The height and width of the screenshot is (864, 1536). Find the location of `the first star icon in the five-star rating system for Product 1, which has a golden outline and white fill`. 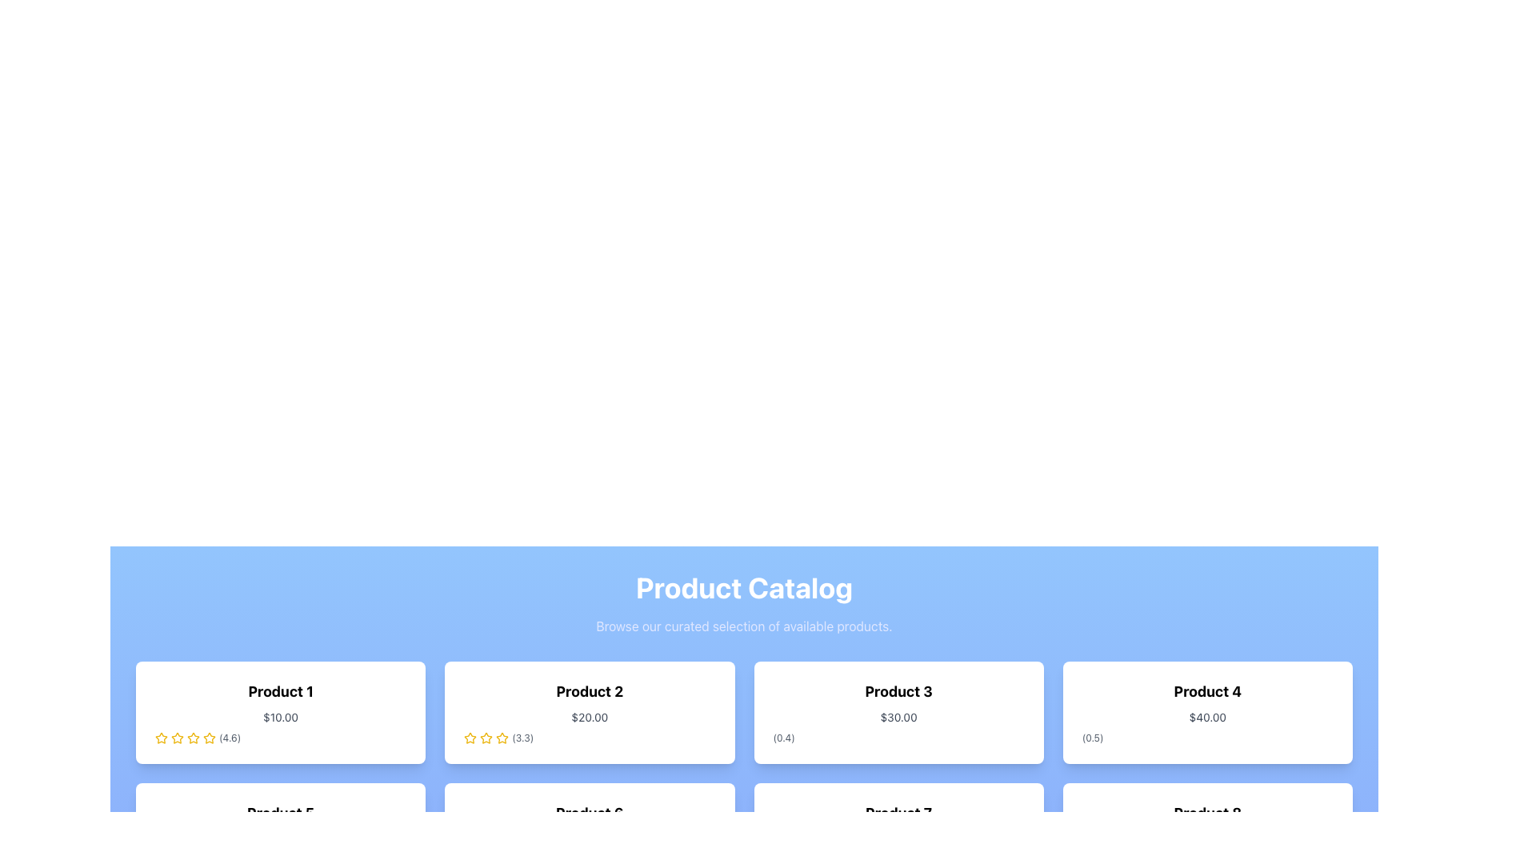

the first star icon in the five-star rating system for Product 1, which has a golden outline and white fill is located at coordinates (177, 738).